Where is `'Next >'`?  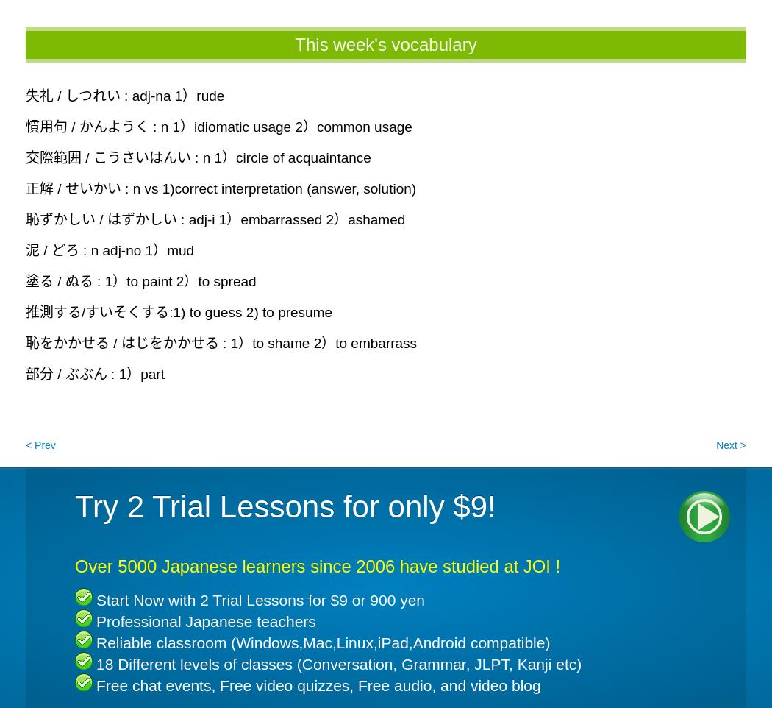 'Next >' is located at coordinates (731, 444).